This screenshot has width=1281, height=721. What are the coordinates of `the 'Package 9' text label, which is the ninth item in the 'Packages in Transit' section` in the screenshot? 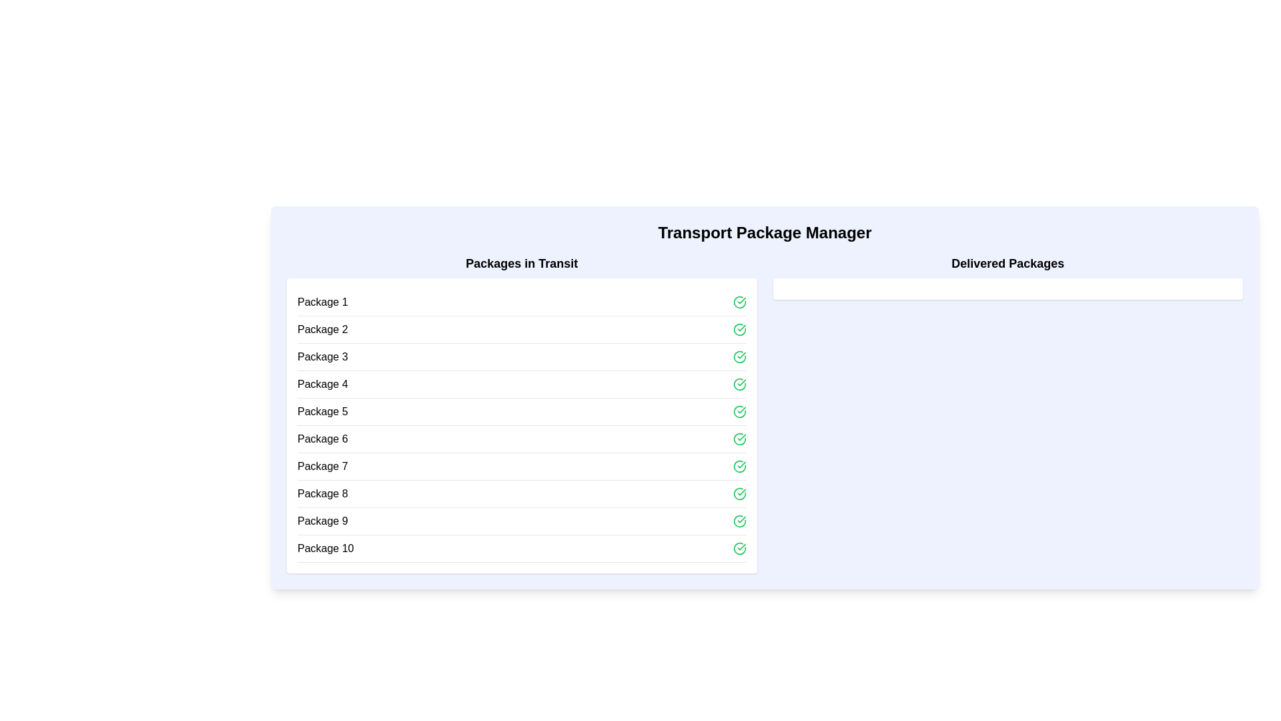 It's located at (322, 520).